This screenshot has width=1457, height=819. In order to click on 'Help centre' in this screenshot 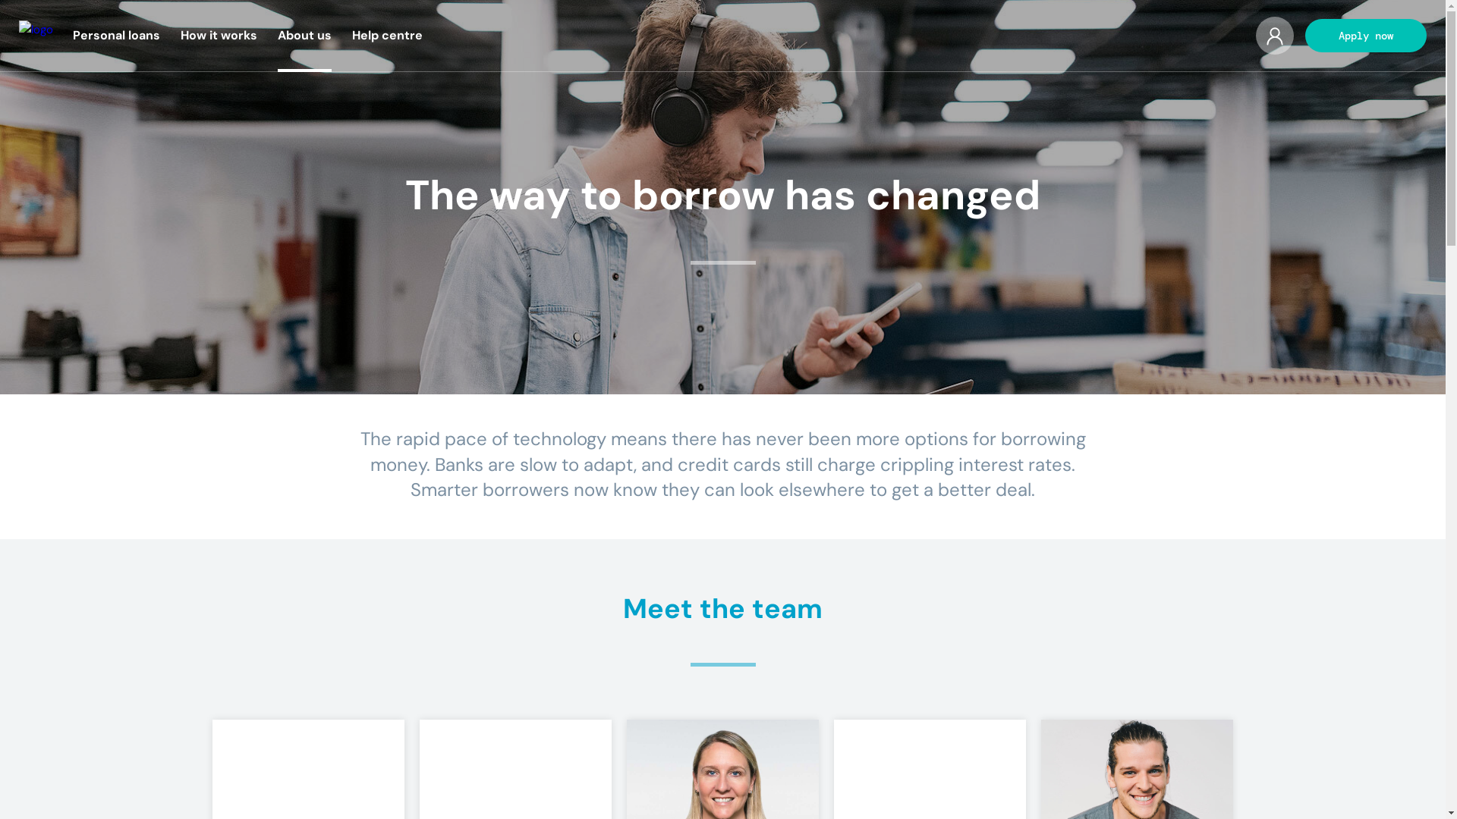, I will do `click(386, 34)`.